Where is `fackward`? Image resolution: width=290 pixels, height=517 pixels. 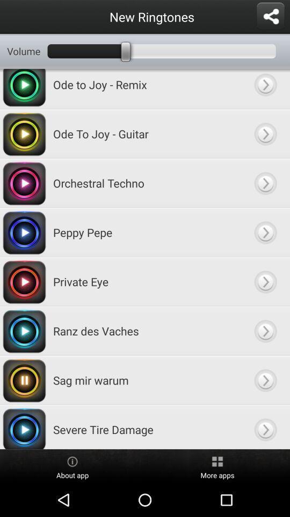
fackward is located at coordinates (265, 281).